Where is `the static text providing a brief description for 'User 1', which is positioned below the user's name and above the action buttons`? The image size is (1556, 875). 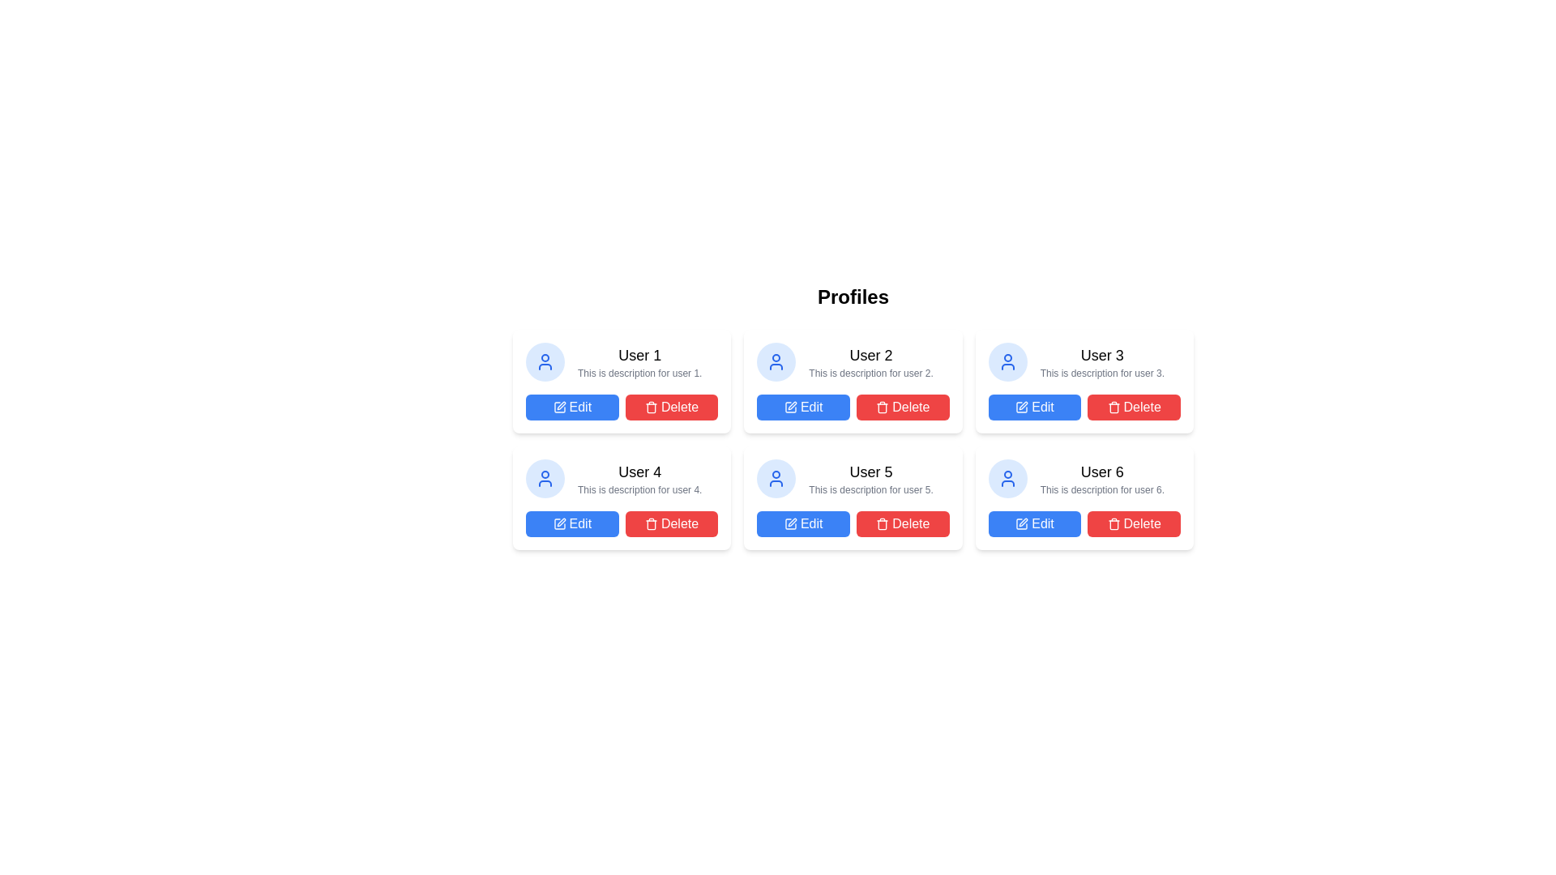 the static text providing a brief description for 'User 1', which is positioned below the user's name and above the action buttons is located at coordinates (639, 373).